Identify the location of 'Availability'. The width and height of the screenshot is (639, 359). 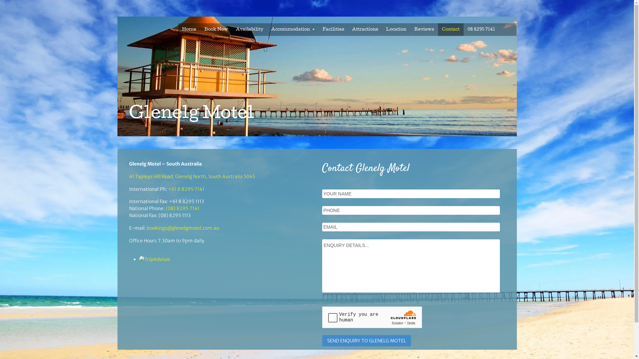
(249, 29).